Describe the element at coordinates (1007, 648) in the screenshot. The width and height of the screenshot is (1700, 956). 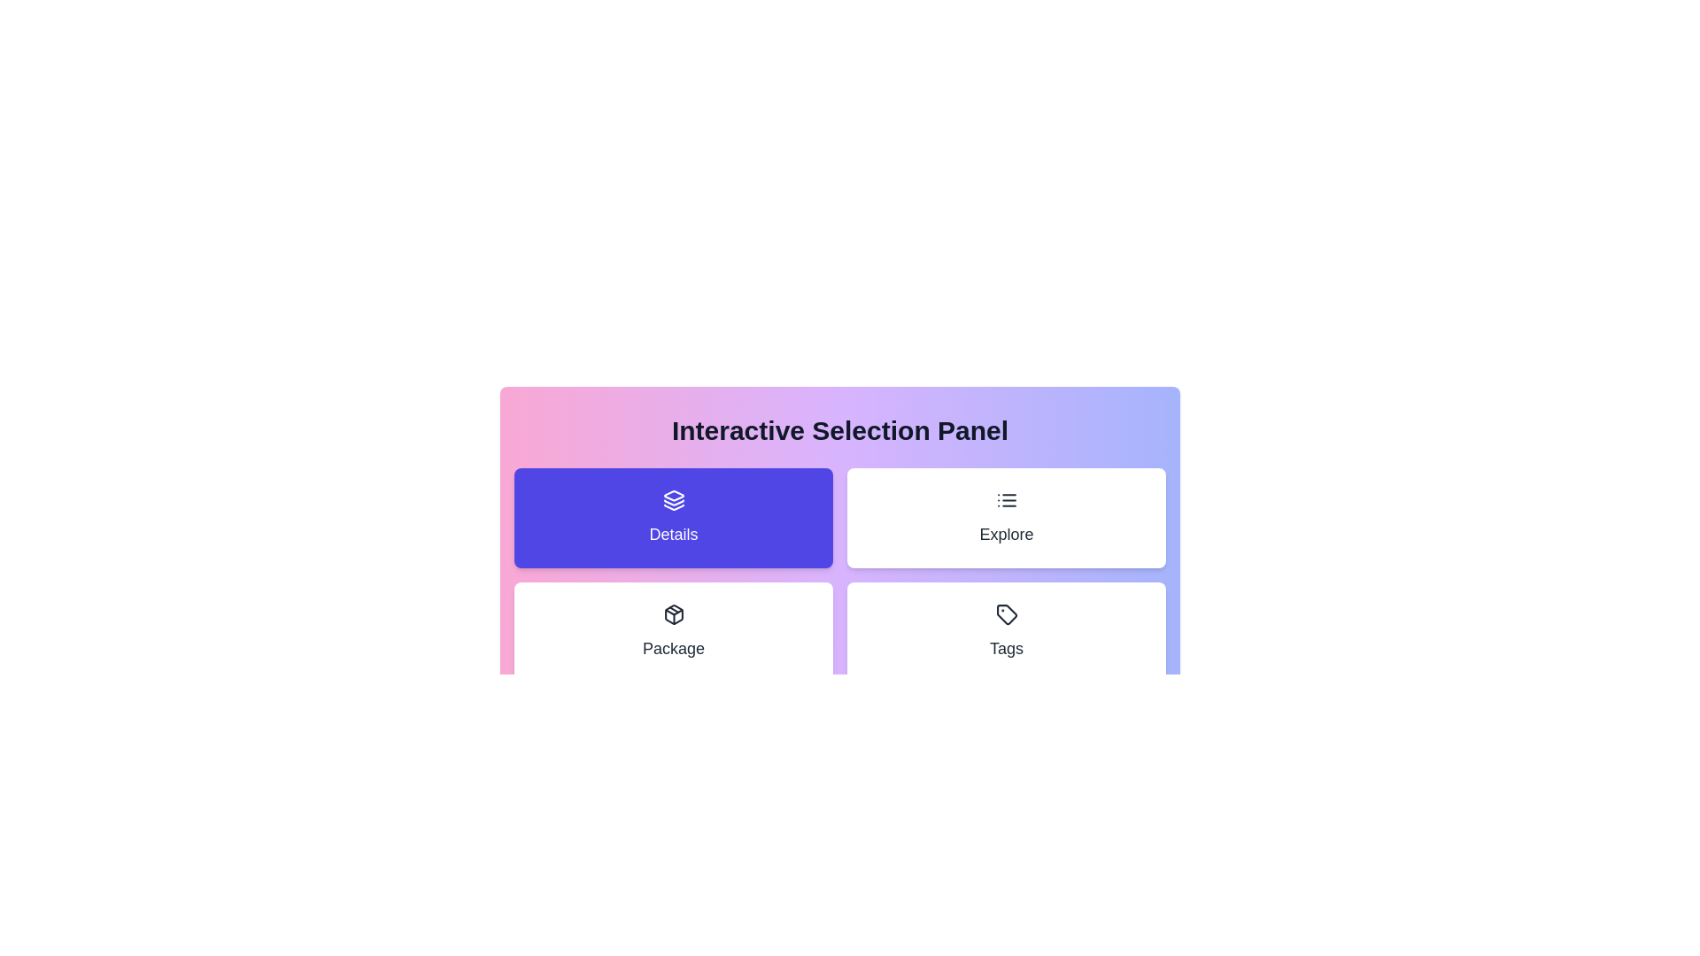
I see `the 'Tags' text label element, which is styled as a larger font subheading in dark gray color, located at the bottom-right of a 2x2 grid interface` at that location.